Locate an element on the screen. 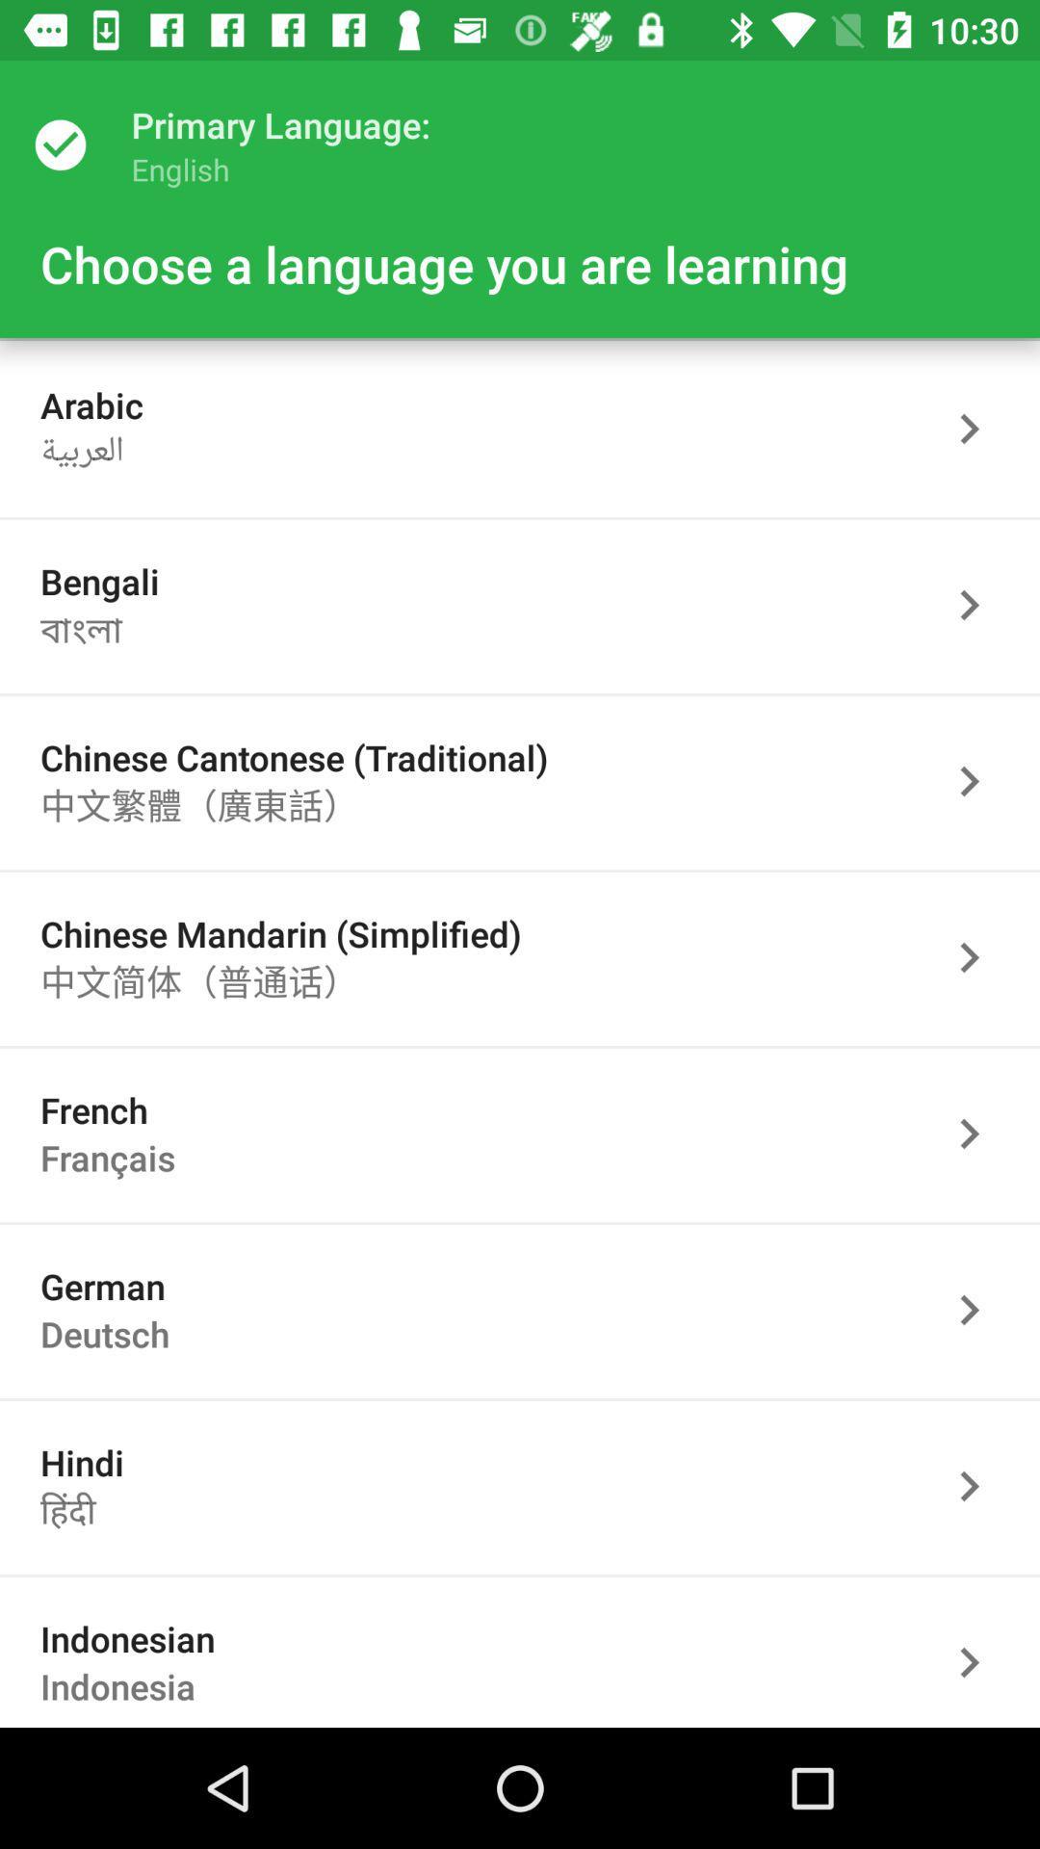 The width and height of the screenshot is (1040, 1849). choose language is located at coordinates (979, 1133).